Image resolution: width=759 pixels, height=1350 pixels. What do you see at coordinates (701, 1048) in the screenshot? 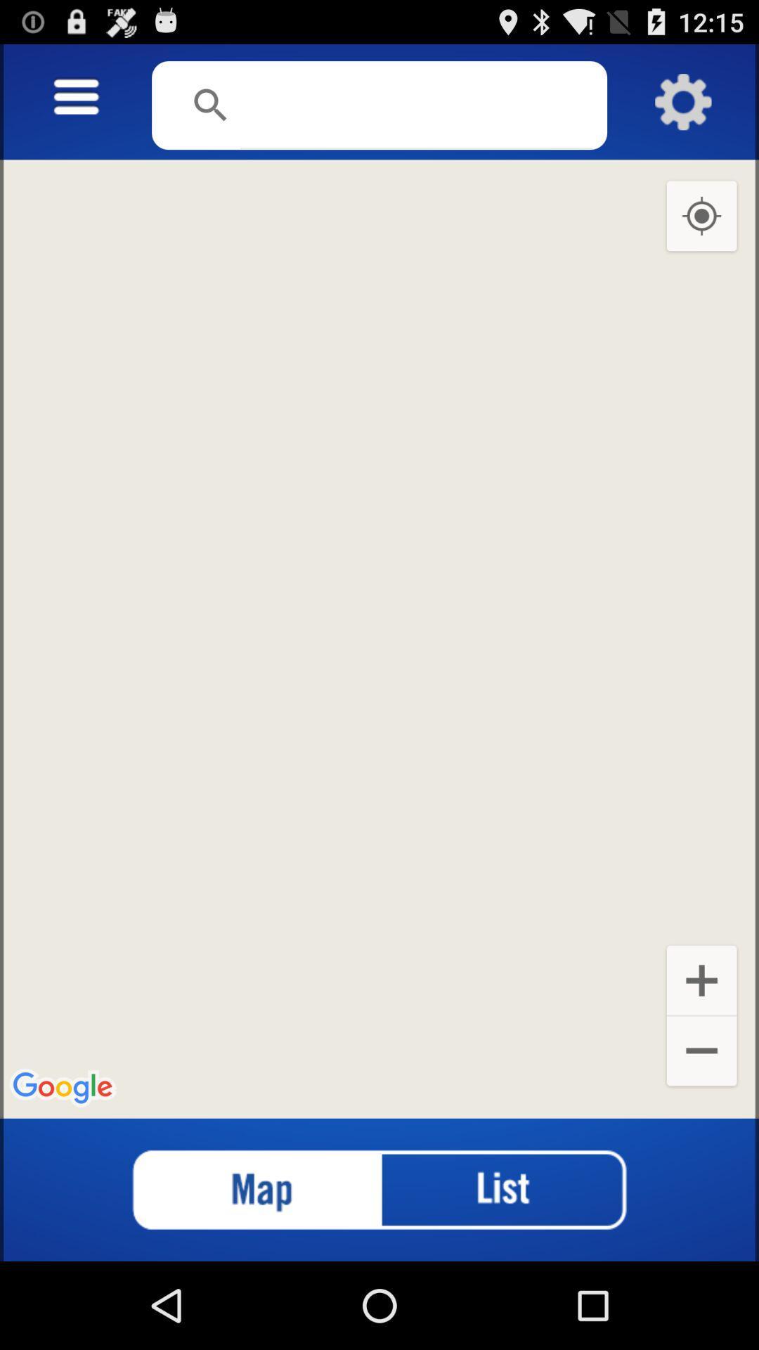
I see `the add icon` at bounding box center [701, 1048].